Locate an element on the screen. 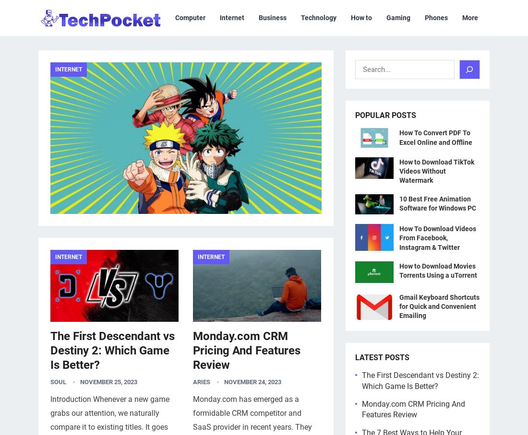 This screenshot has width=528, height=435. 'Gaming' is located at coordinates (55, 225).